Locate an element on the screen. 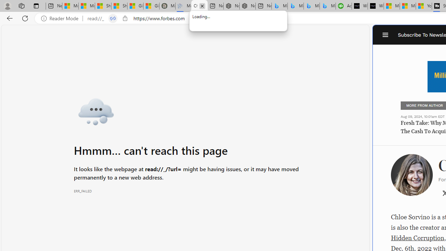 The image size is (446, 251). 'Microsoft Bing Travel - Shangri-La Hotel Bangkok' is located at coordinates (327, 6).